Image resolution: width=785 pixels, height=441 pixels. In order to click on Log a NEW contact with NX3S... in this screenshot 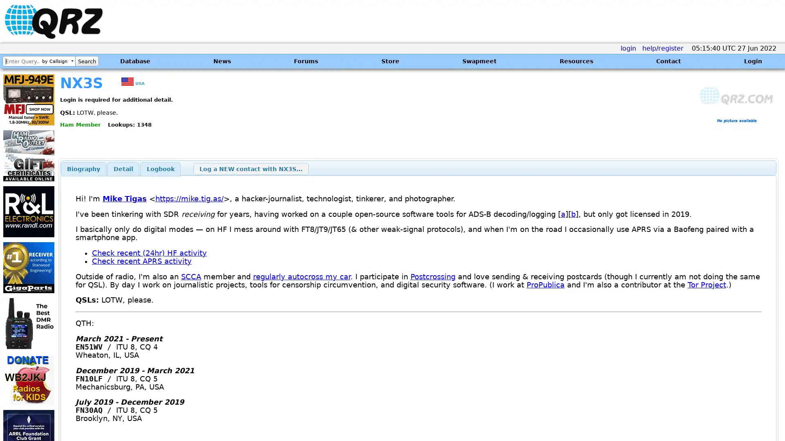, I will do `click(250, 168)`.